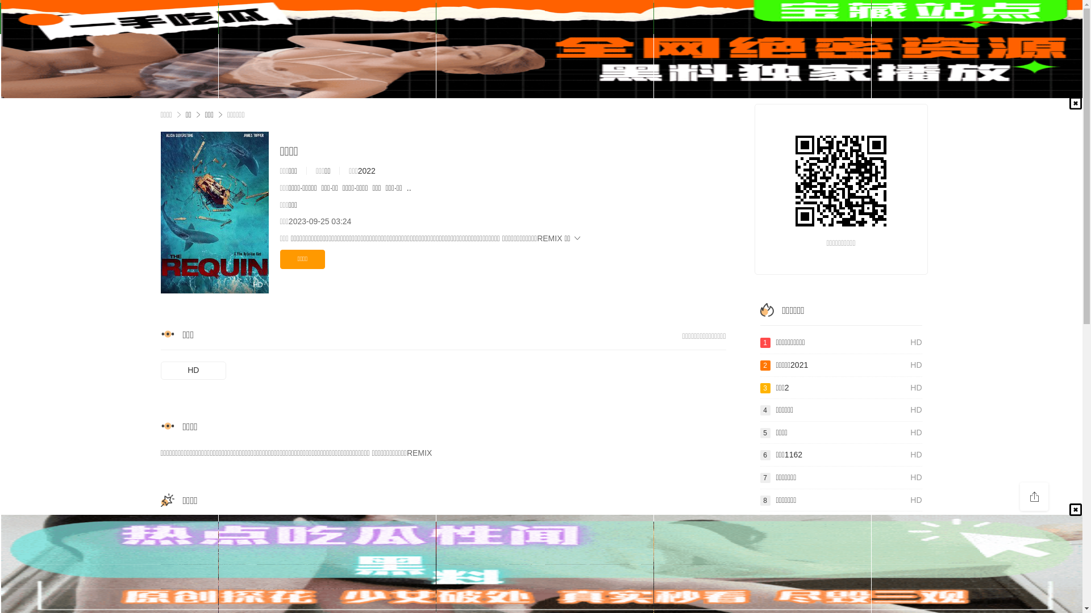  What do you see at coordinates (840, 180) in the screenshot?
I see `'http://www.174tv.com/tv/84.html'` at bounding box center [840, 180].